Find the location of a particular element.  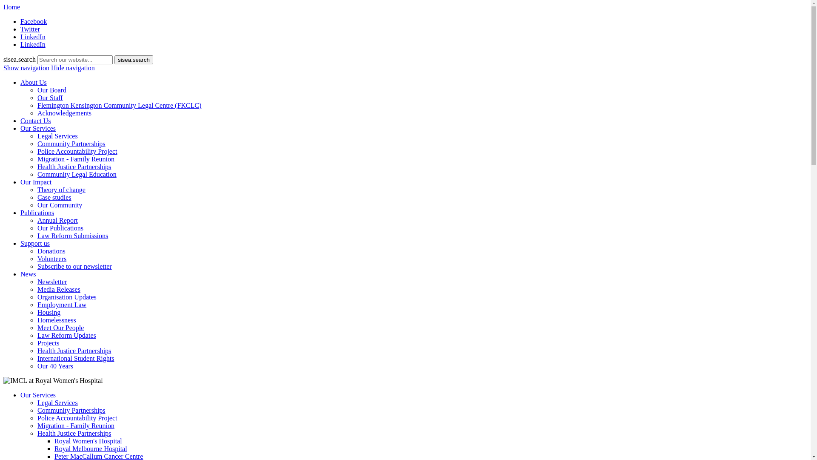

'Our Impact' is located at coordinates (35, 181).